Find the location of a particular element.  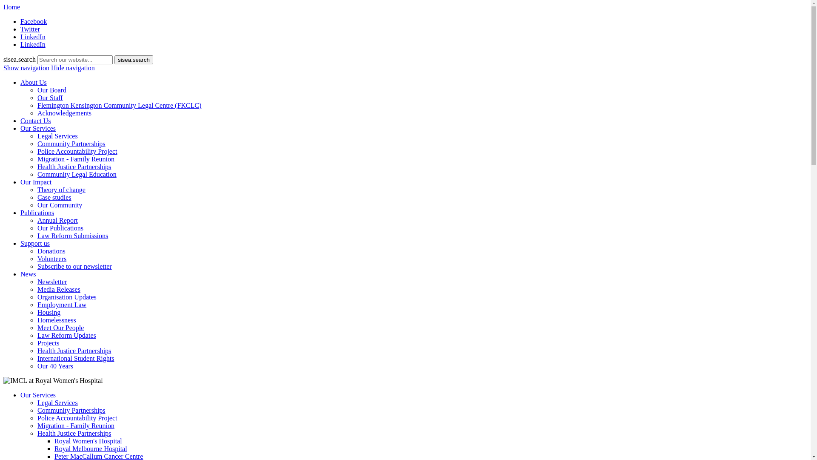

'Our Impact' is located at coordinates (35, 181).